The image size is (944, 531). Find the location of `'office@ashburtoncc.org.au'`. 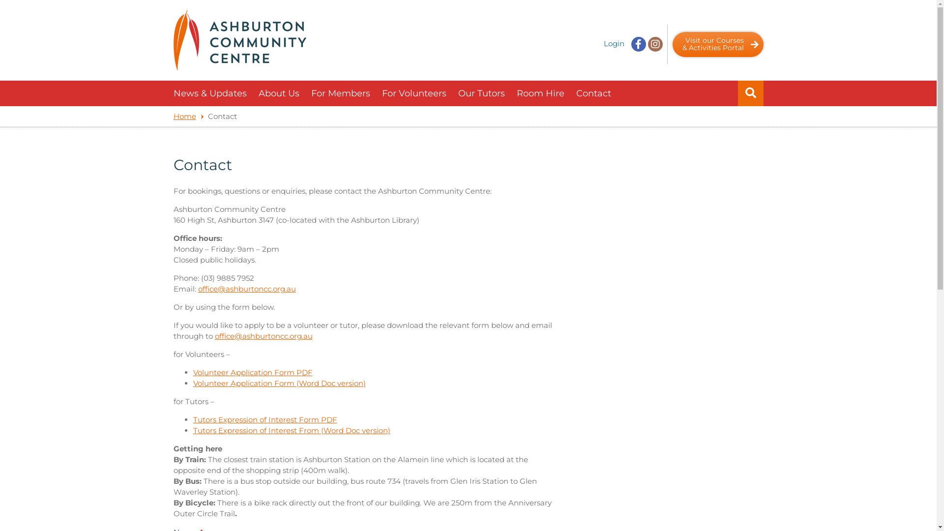

'office@ashburtoncc.org.au' is located at coordinates (263, 335).